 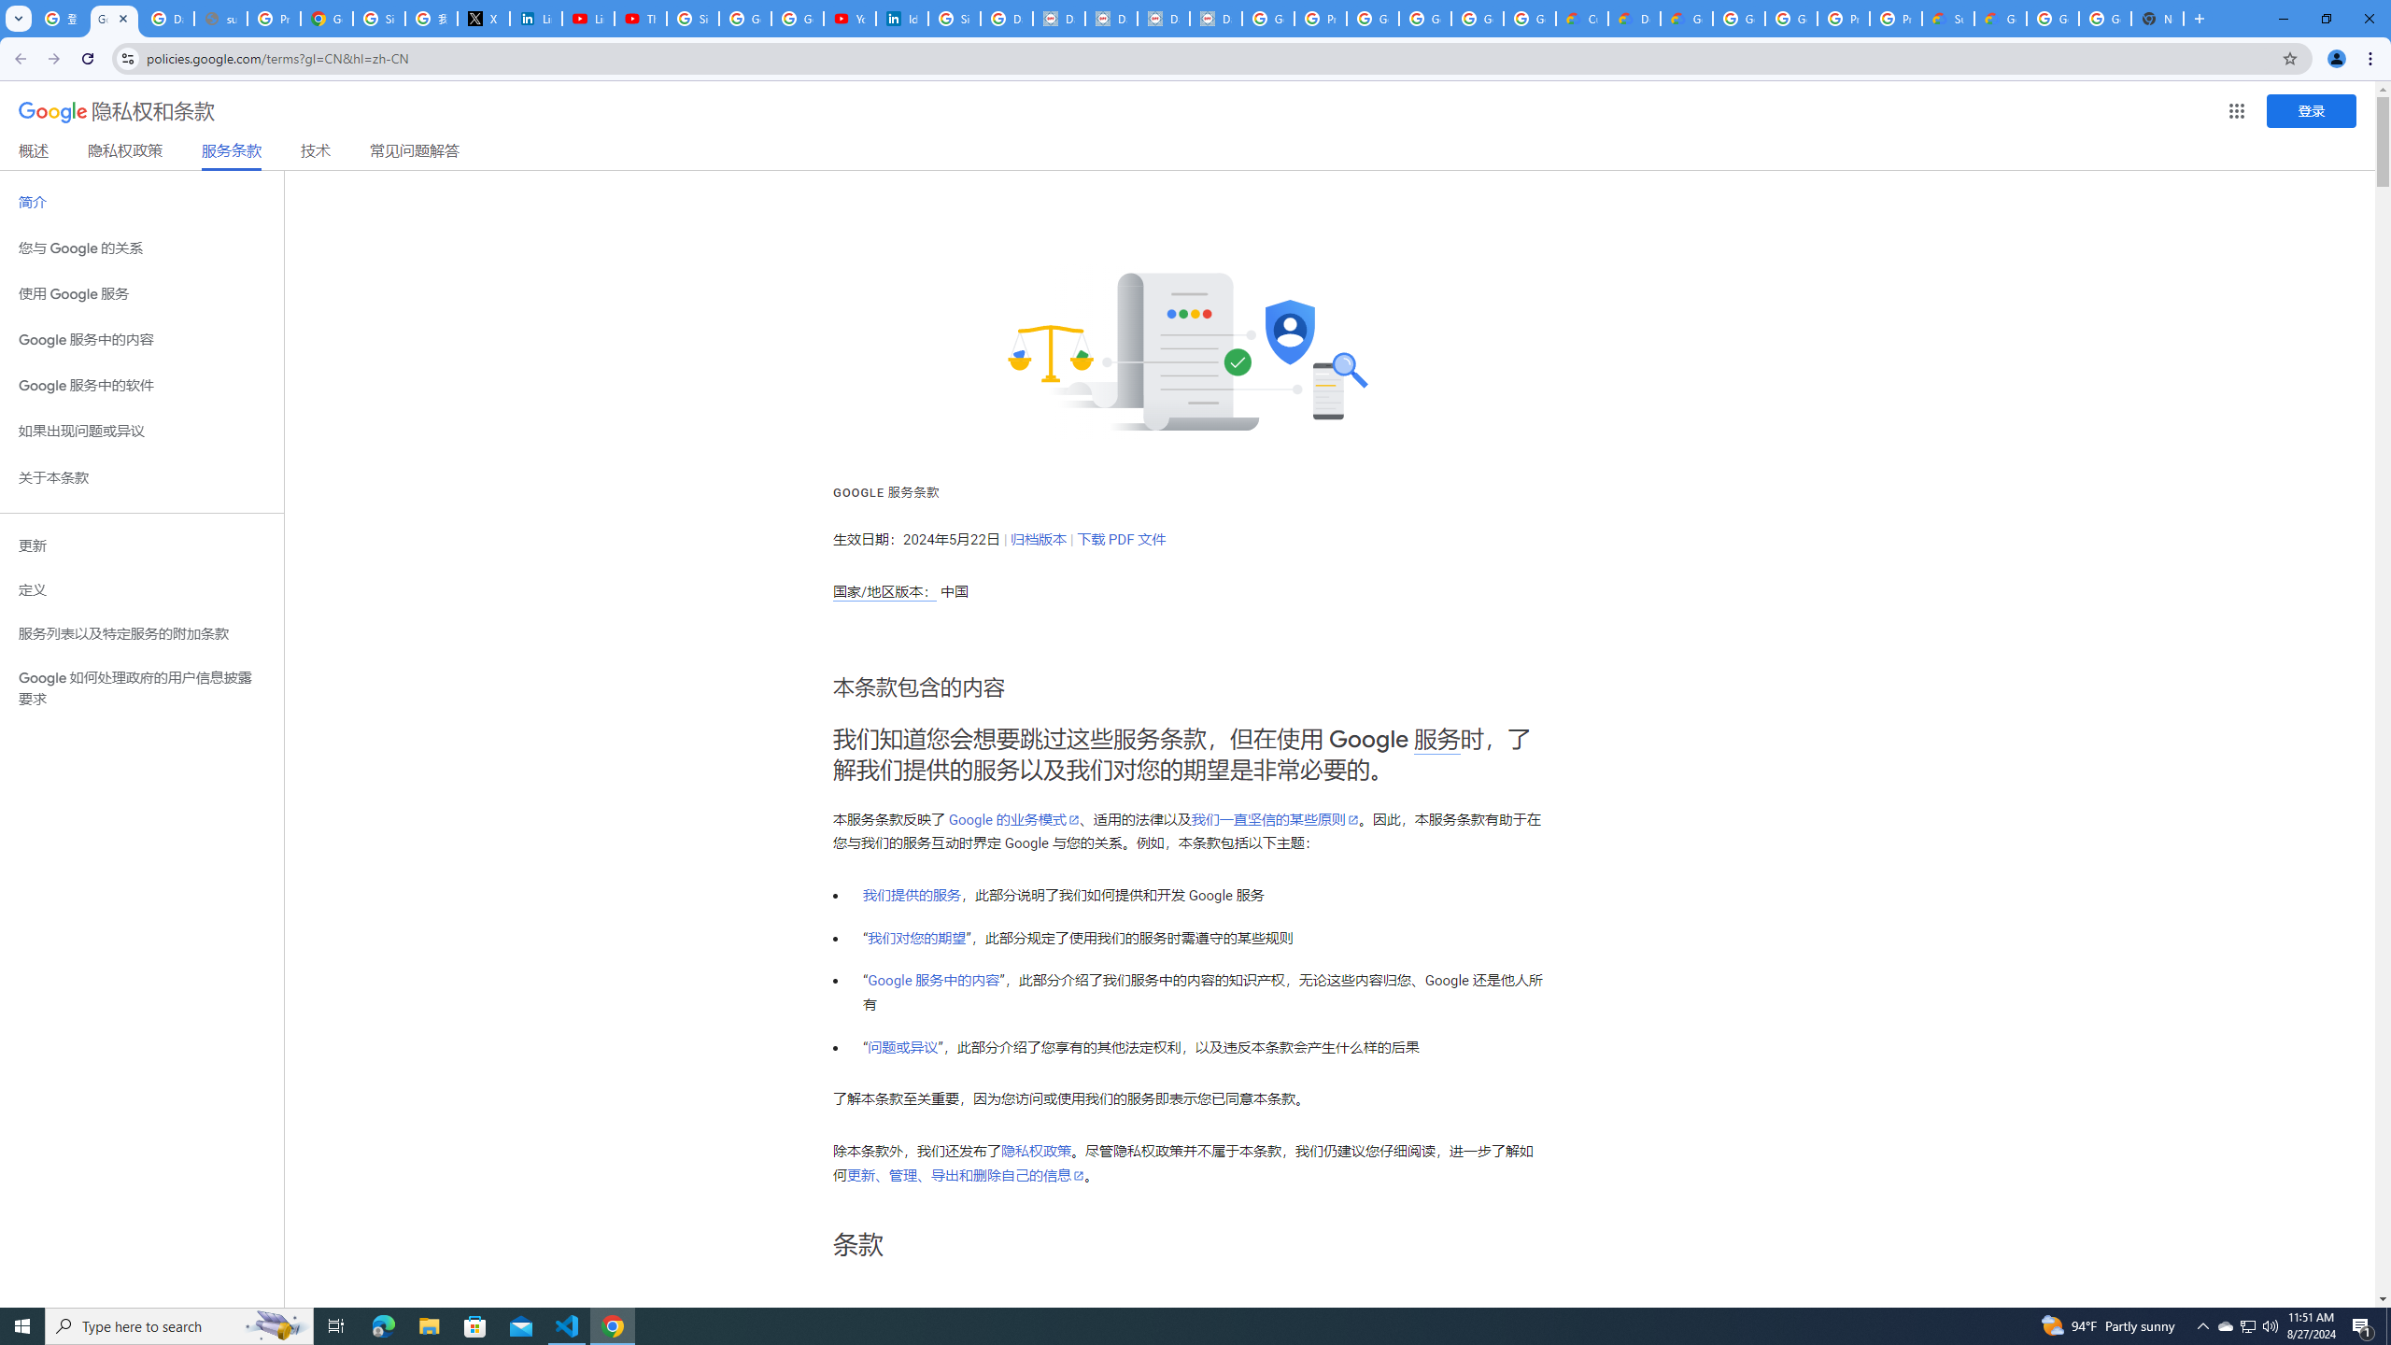 What do you see at coordinates (1739, 18) in the screenshot?
I see `'Google Cloud Platform'` at bounding box center [1739, 18].